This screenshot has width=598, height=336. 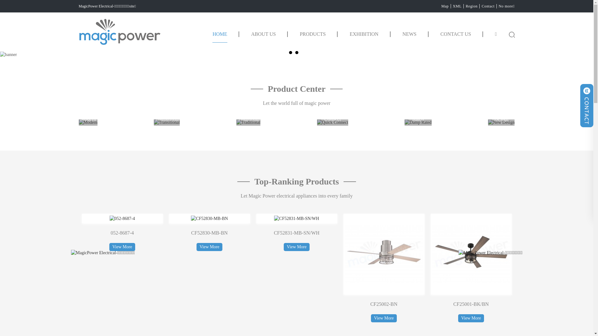 I want to click on 'Damp Rated', so click(x=418, y=123).